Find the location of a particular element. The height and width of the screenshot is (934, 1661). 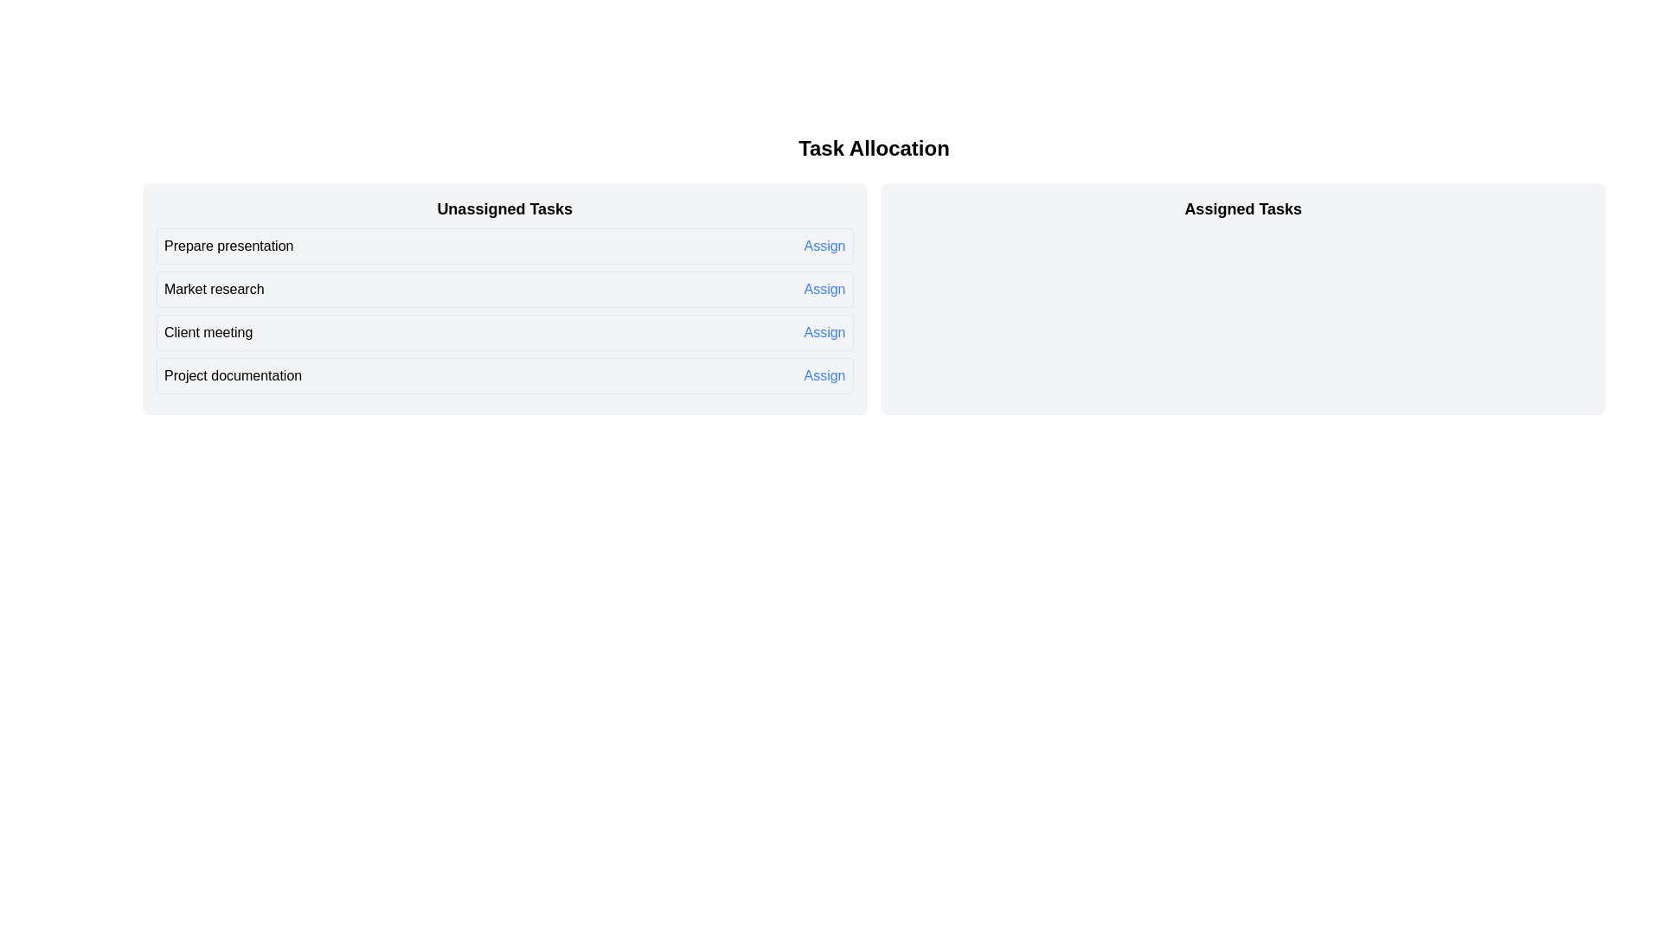

the fourth 'Assign' hyperlink located to the right of 'Project documentation' in the 'Unassigned Tasks' section to assign the task is located at coordinates (824, 375).